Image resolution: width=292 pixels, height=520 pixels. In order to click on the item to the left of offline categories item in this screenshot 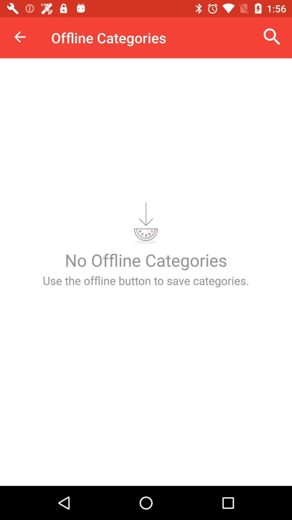, I will do `click(19, 37)`.